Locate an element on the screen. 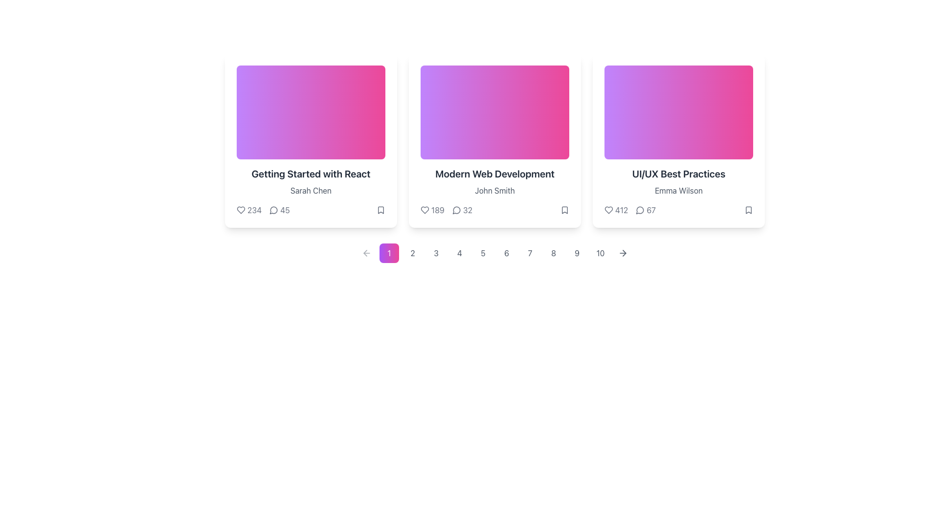  the previous page navigation button located at the far left of the pagination control bar, immediately before the first page marker (number '1') is located at coordinates (366, 252).